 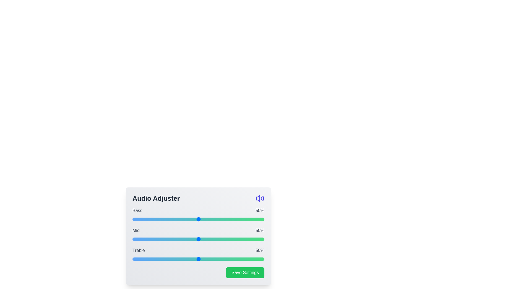 I want to click on the volume icon to interact with it, so click(x=260, y=198).